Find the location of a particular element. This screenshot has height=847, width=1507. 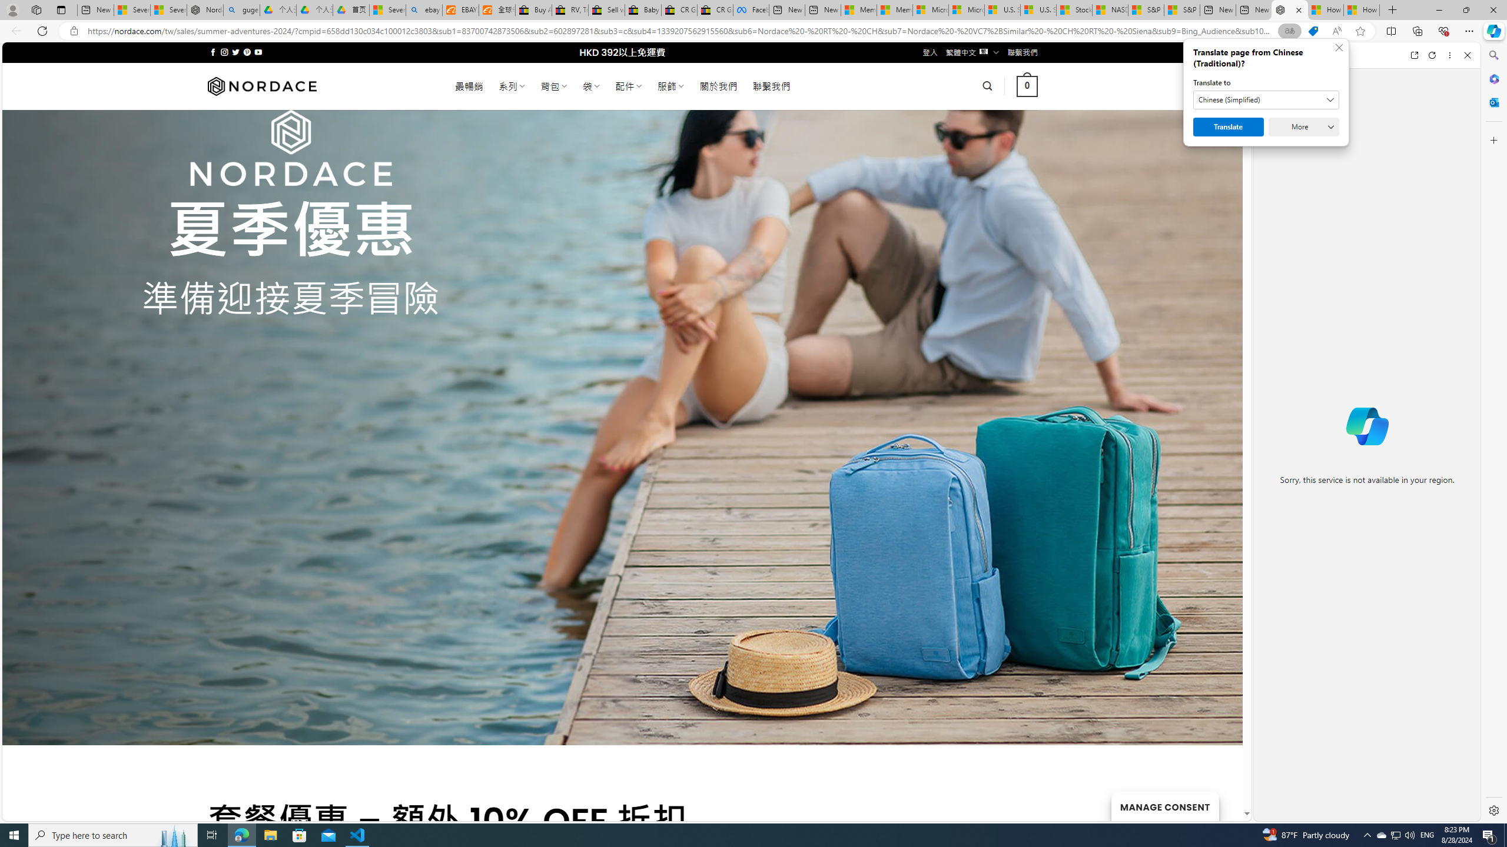

'  0  ' is located at coordinates (1027, 85).